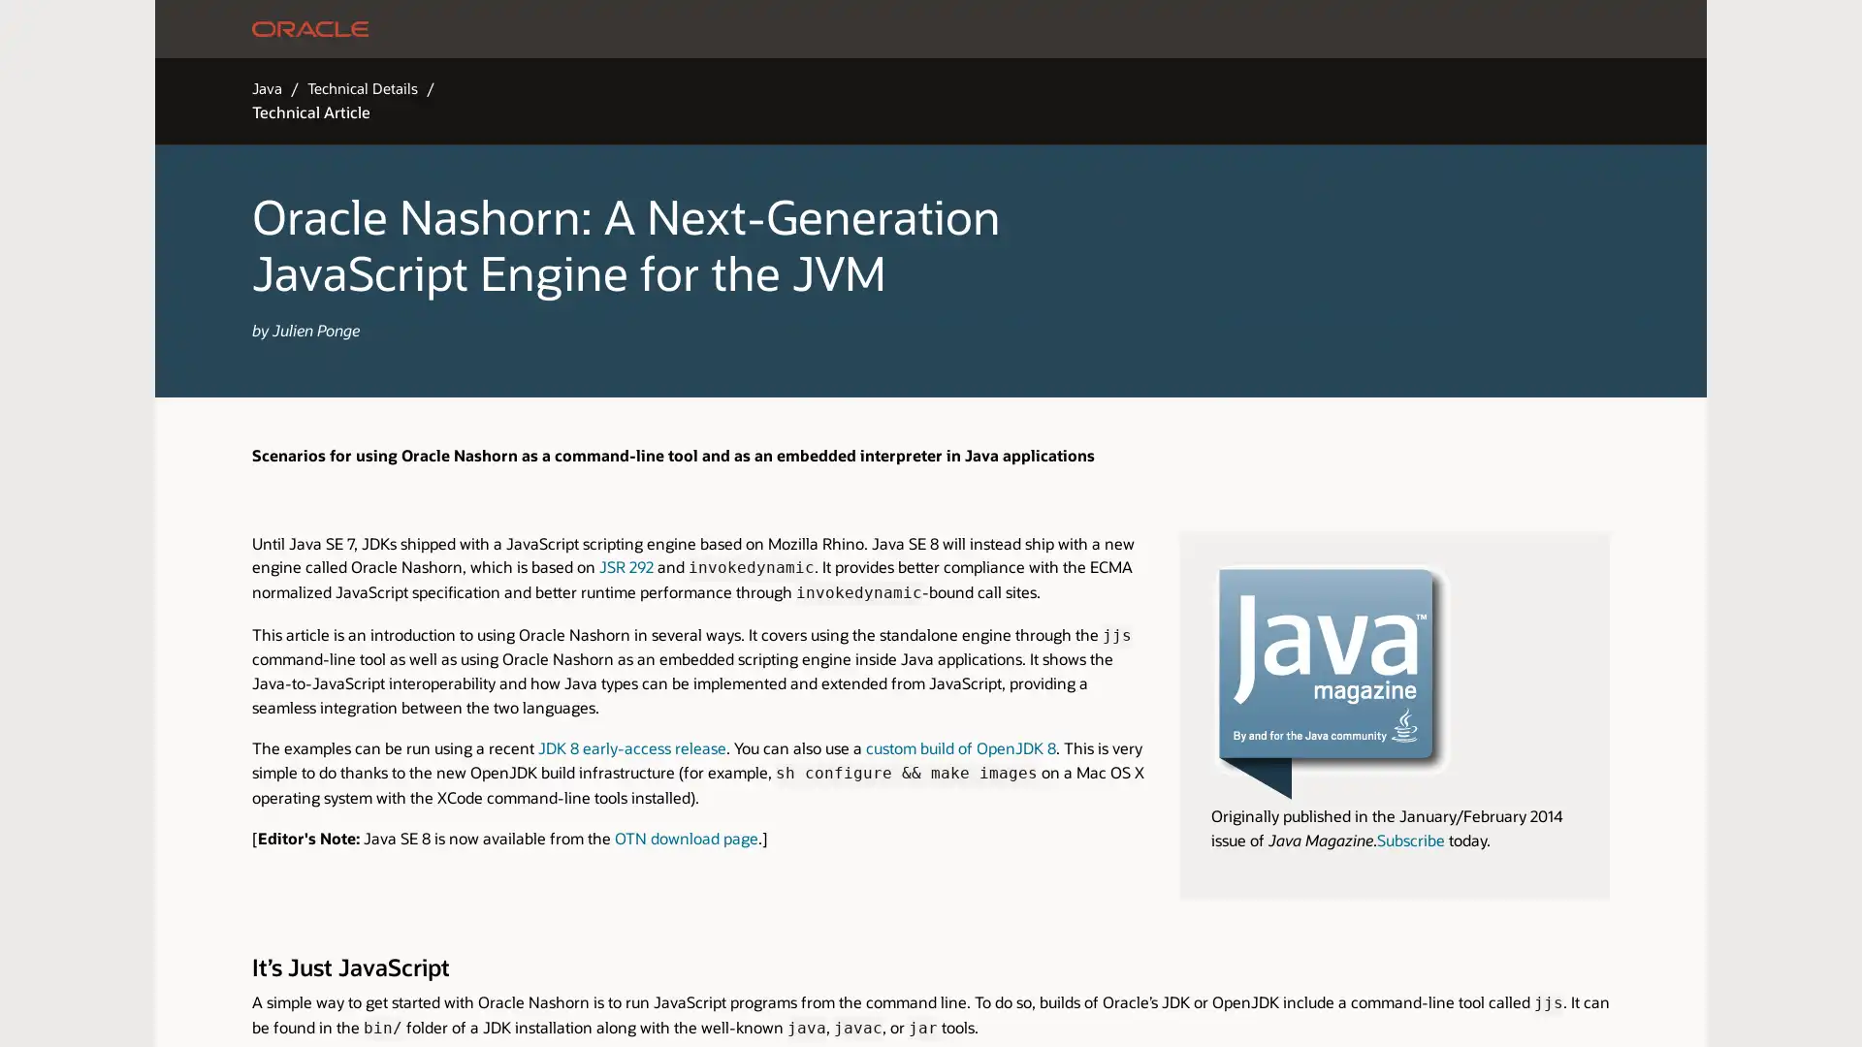 The image size is (1862, 1047). What do you see at coordinates (730, 28) in the screenshot?
I see `Resources` at bounding box center [730, 28].